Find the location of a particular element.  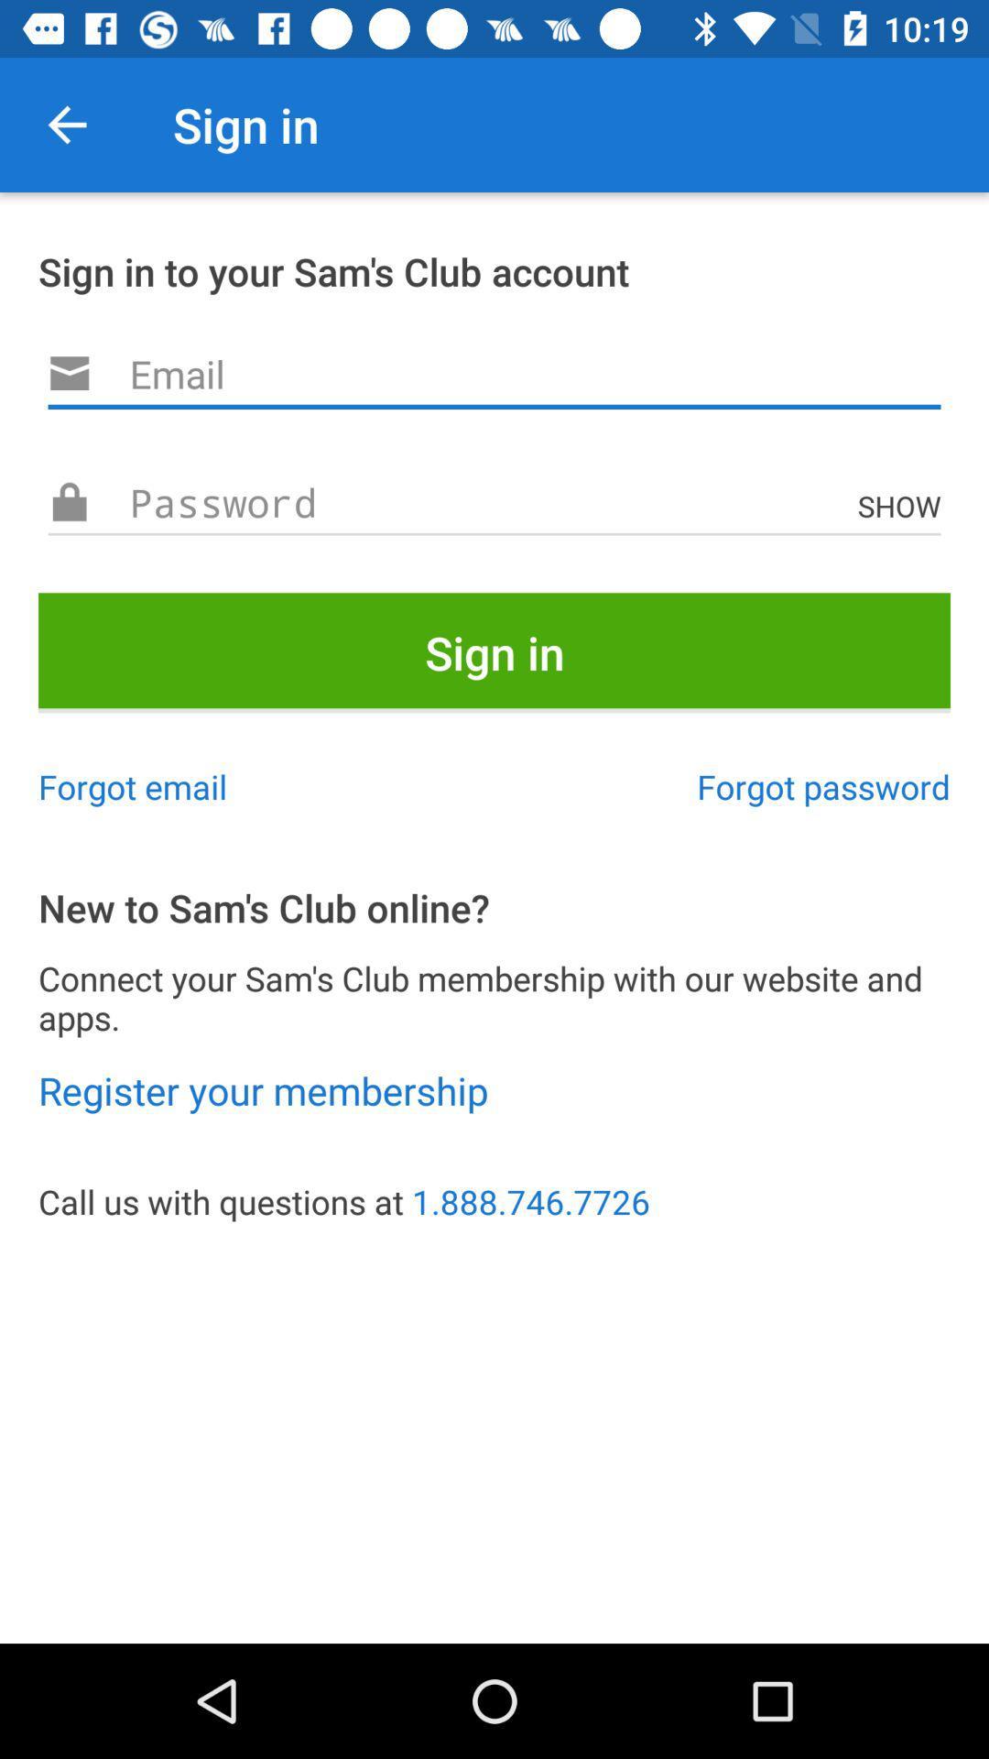

icon next to the sign in item is located at coordinates (66, 124).